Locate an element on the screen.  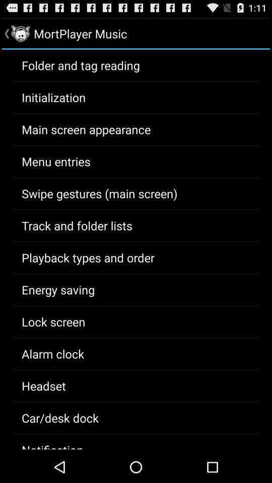
app below the headset item is located at coordinates (60, 418).